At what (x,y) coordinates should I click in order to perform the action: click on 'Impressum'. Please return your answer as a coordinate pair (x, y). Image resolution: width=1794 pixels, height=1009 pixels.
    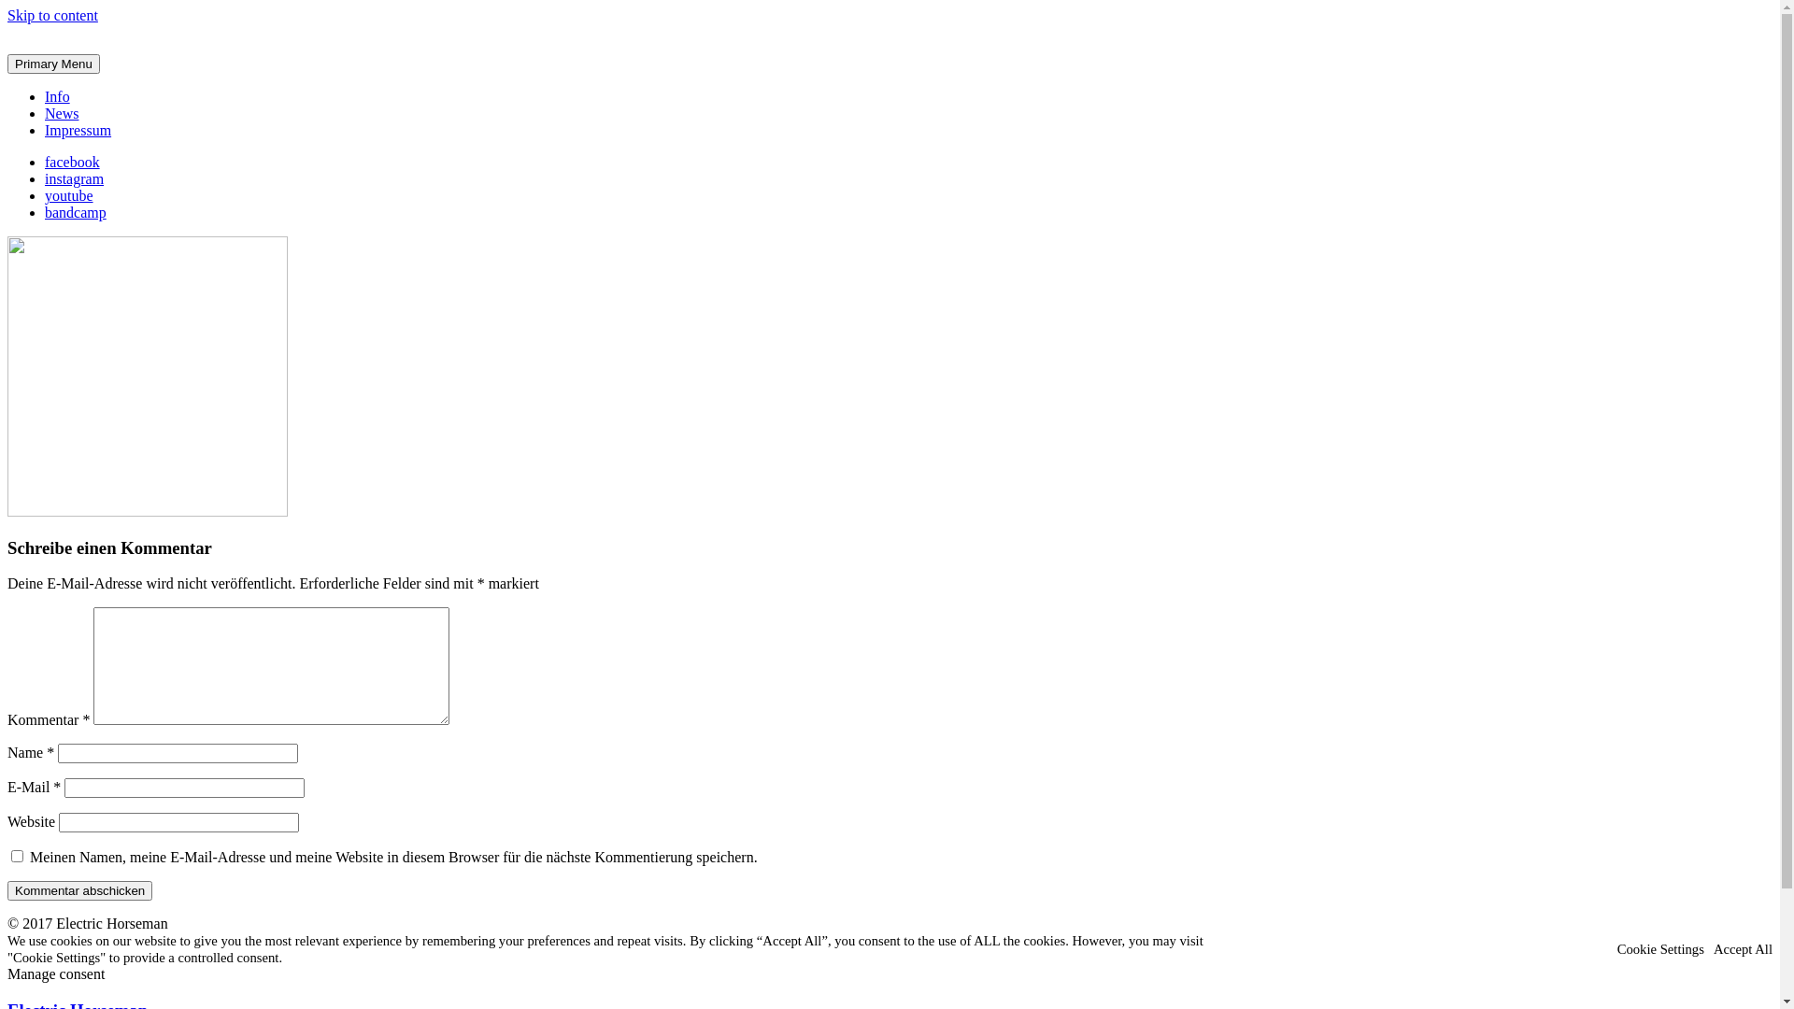
    Looking at the image, I should click on (45, 129).